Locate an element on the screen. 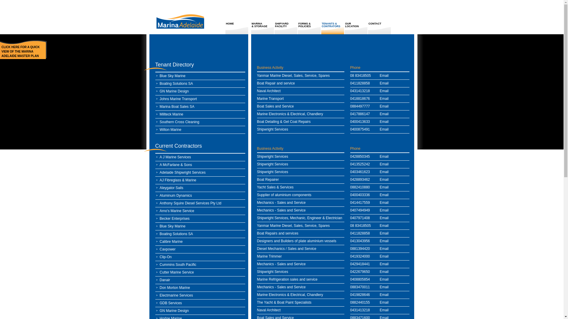 The width and height of the screenshot is (568, 319). 'MARINA is located at coordinates (262, 28).